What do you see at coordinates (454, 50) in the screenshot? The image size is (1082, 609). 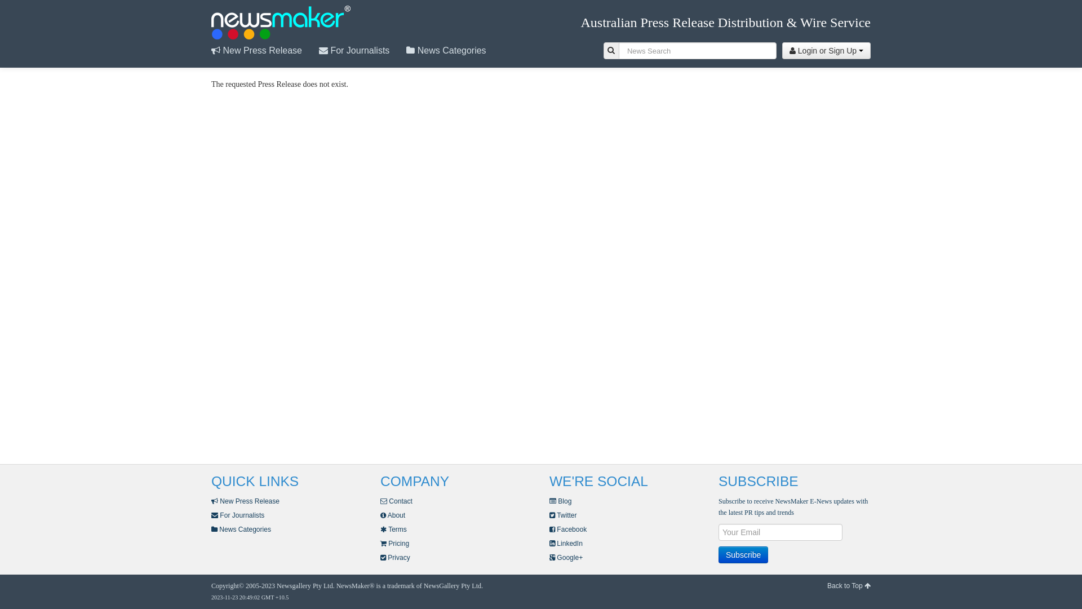 I see `'News Categories'` at bounding box center [454, 50].